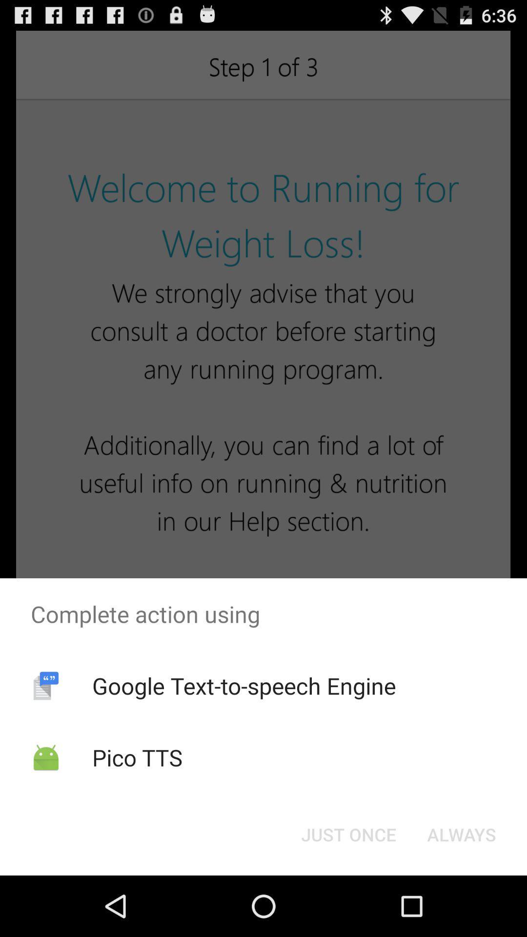  Describe the element at coordinates (348, 834) in the screenshot. I see `the just once icon` at that location.